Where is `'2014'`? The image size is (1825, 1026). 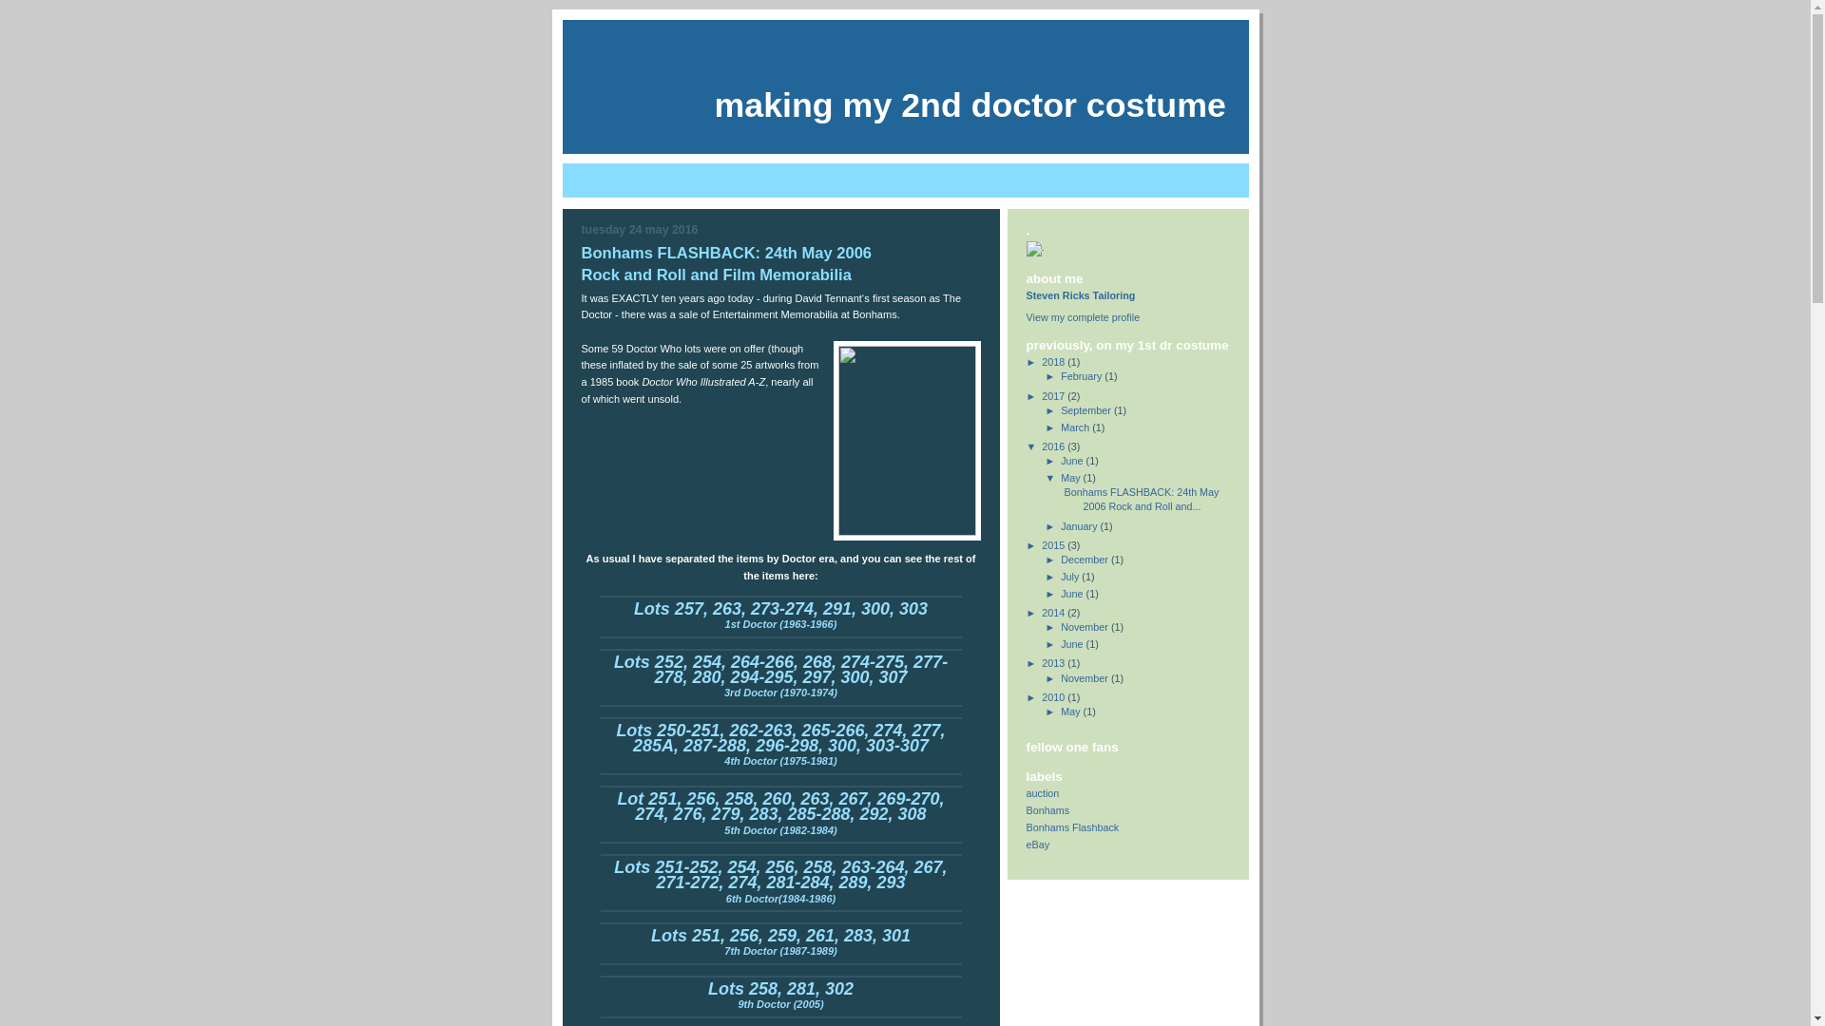
'2014' is located at coordinates (1053, 612).